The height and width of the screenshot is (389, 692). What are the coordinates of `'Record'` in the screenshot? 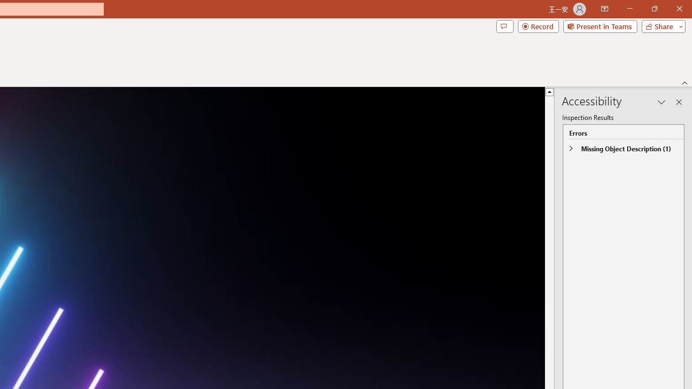 It's located at (538, 25).